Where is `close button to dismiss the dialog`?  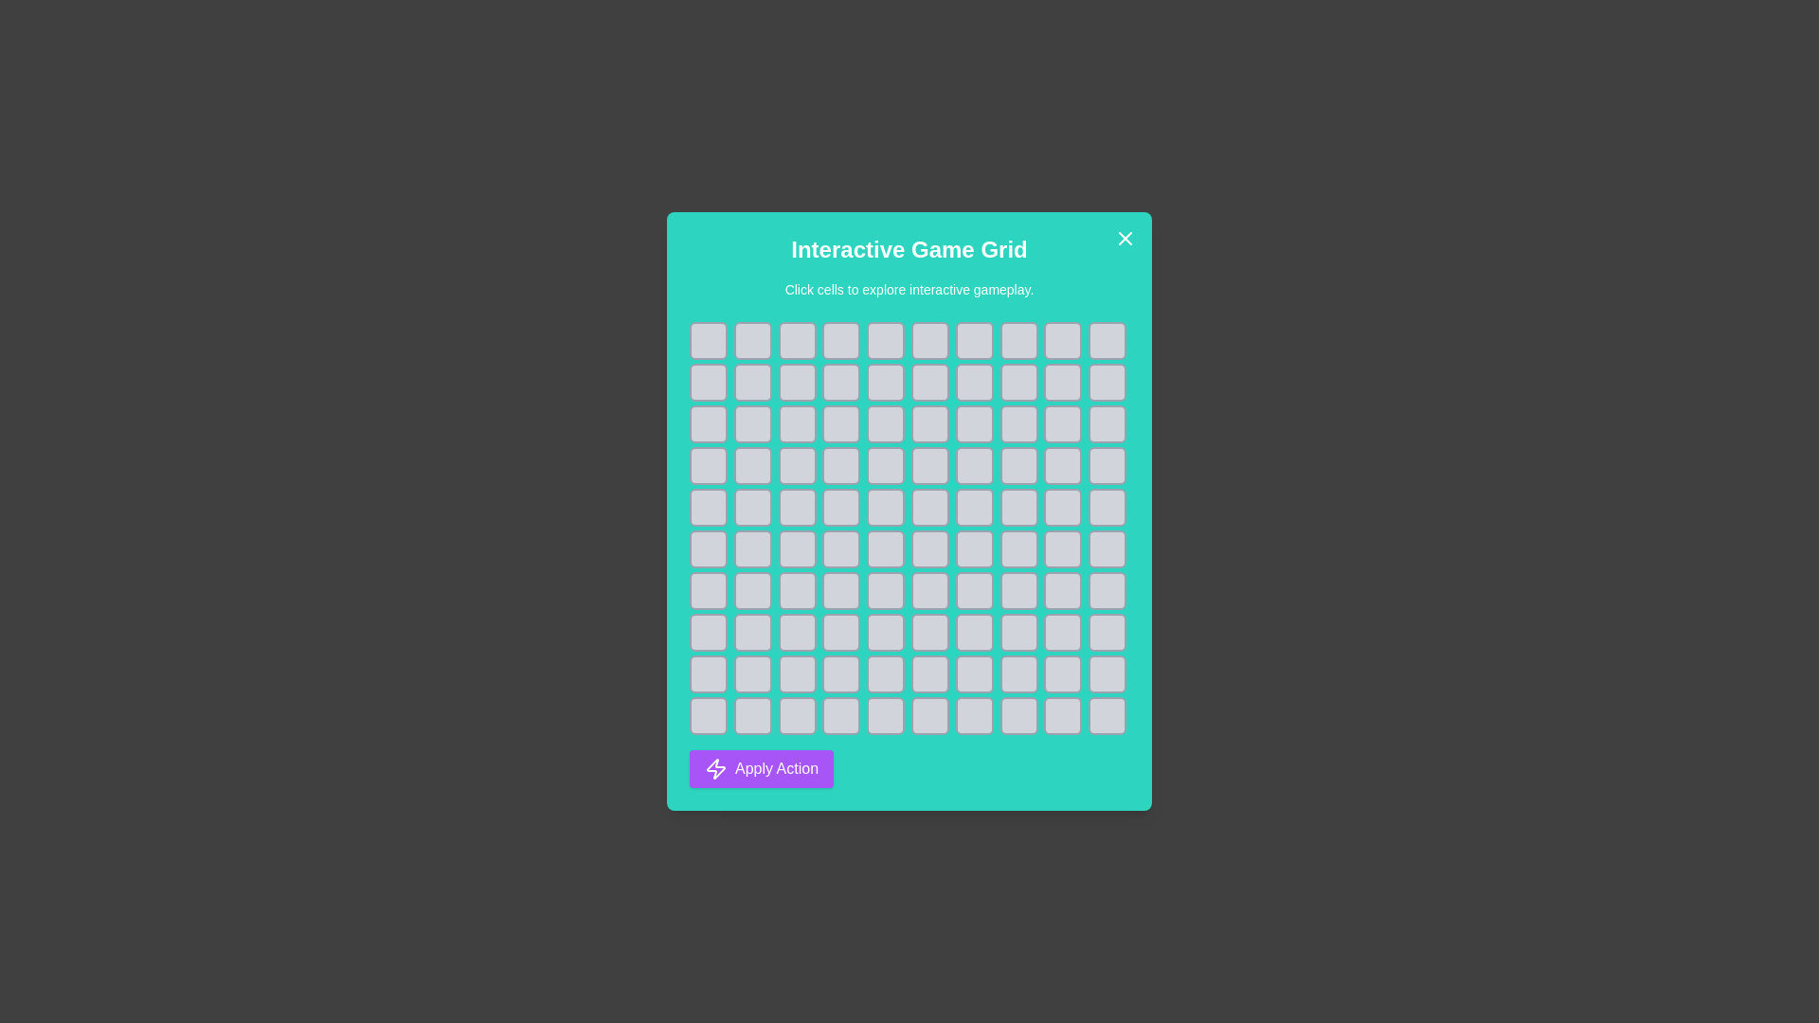 close button to dismiss the dialog is located at coordinates (1126, 237).